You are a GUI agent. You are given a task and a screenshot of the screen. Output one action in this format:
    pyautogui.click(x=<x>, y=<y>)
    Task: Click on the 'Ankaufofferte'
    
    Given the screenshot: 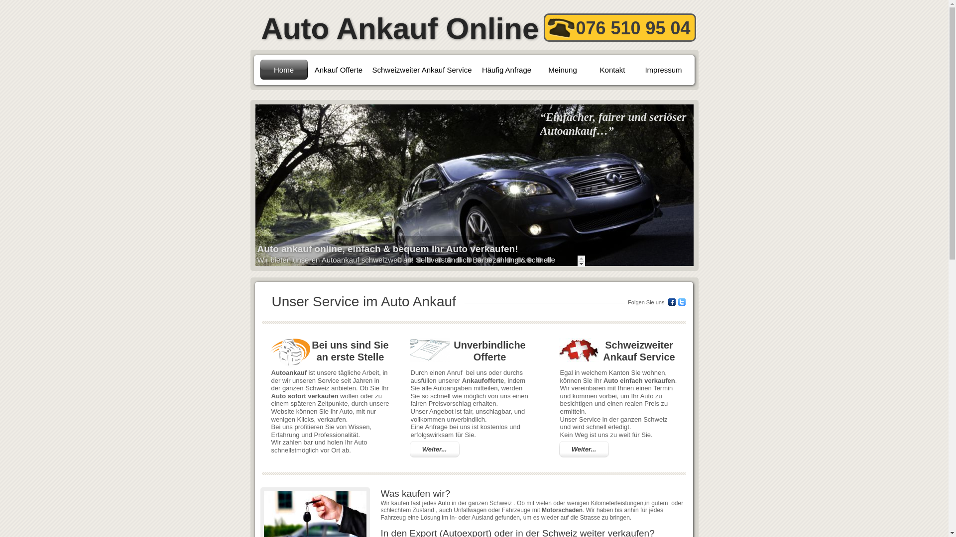 What is the action you would take?
    pyautogui.click(x=483, y=380)
    